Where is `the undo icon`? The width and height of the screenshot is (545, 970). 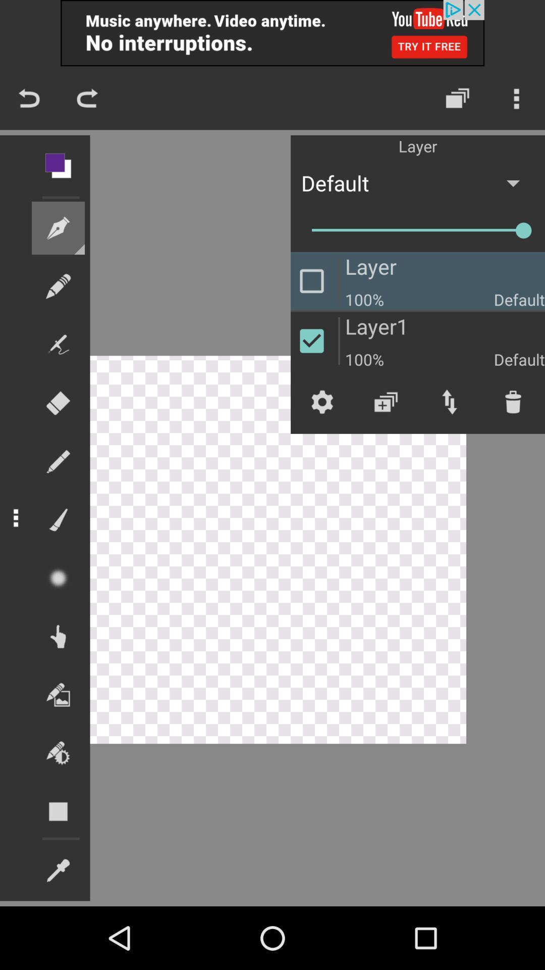
the undo icon is located at coordinates (28, 98).